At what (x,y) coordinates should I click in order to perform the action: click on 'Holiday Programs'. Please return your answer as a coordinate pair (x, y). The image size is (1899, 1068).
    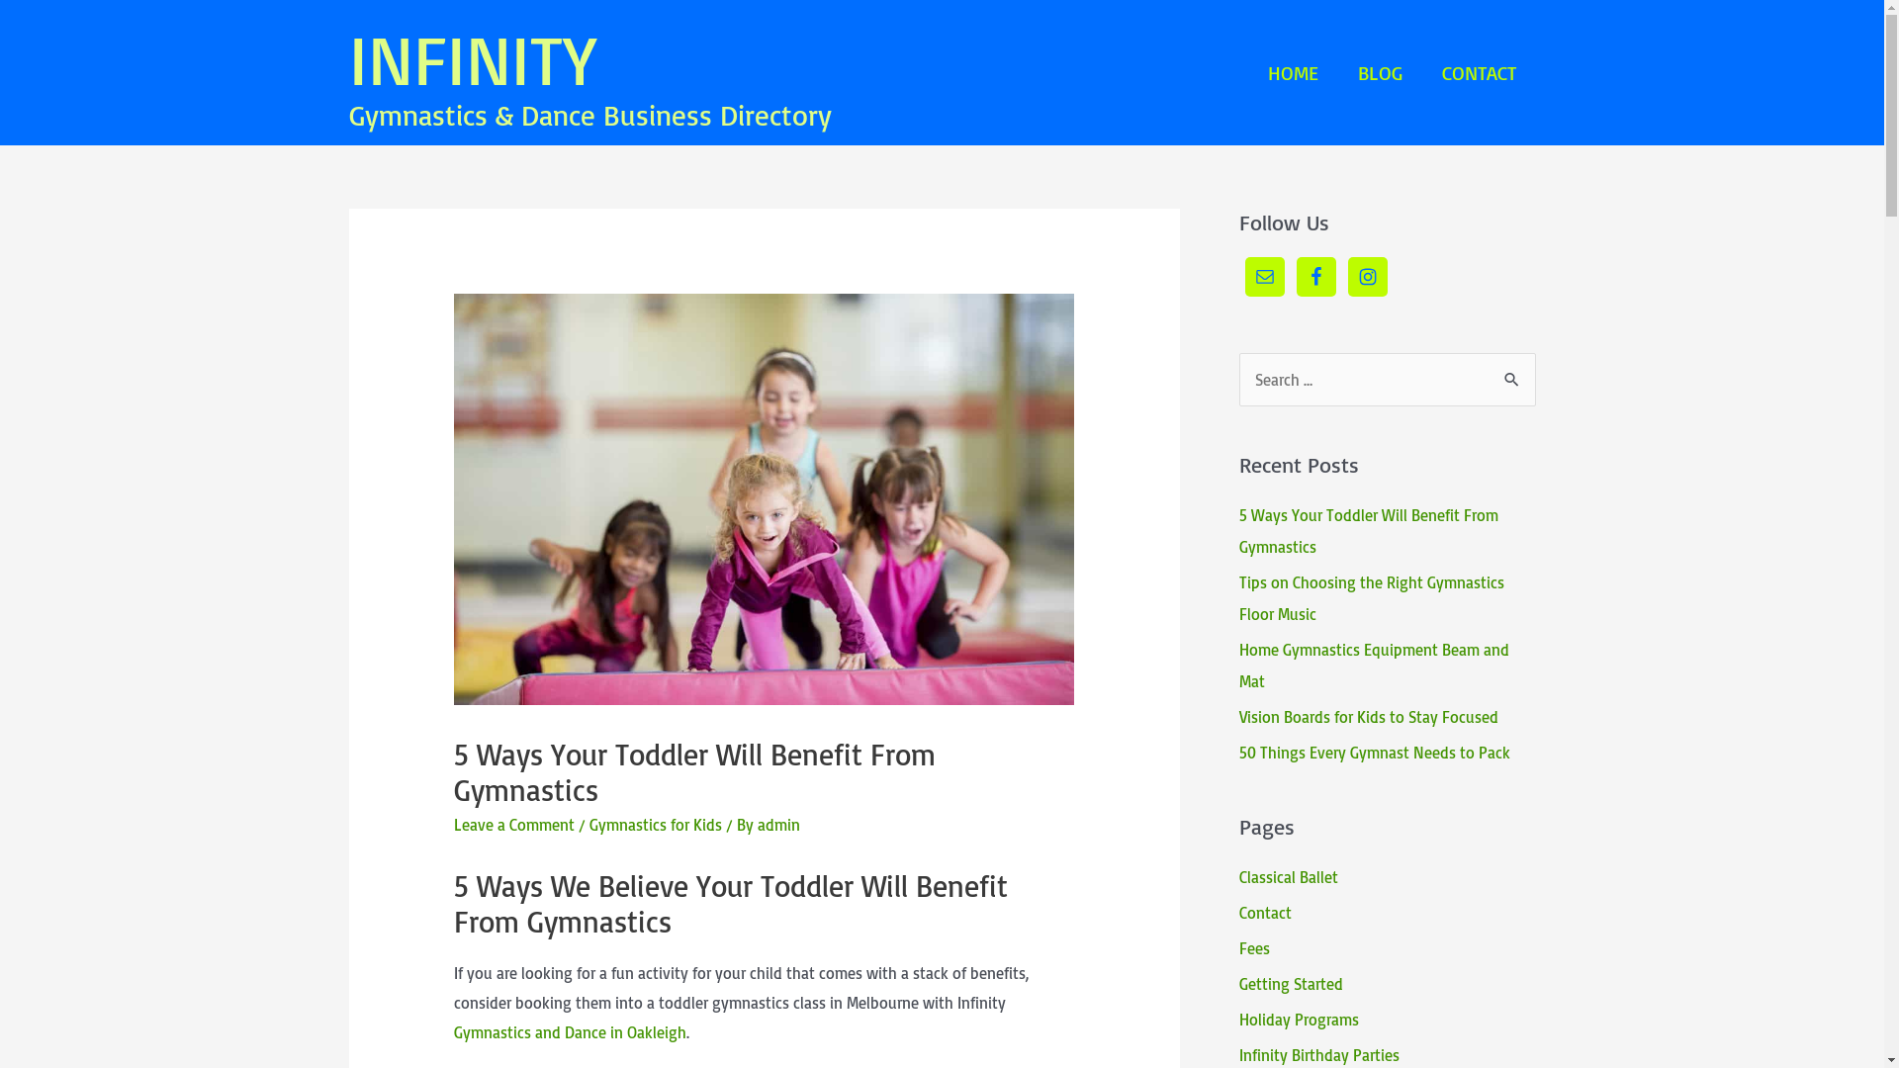
    Looking at the image, I should click on (1298, 1019).